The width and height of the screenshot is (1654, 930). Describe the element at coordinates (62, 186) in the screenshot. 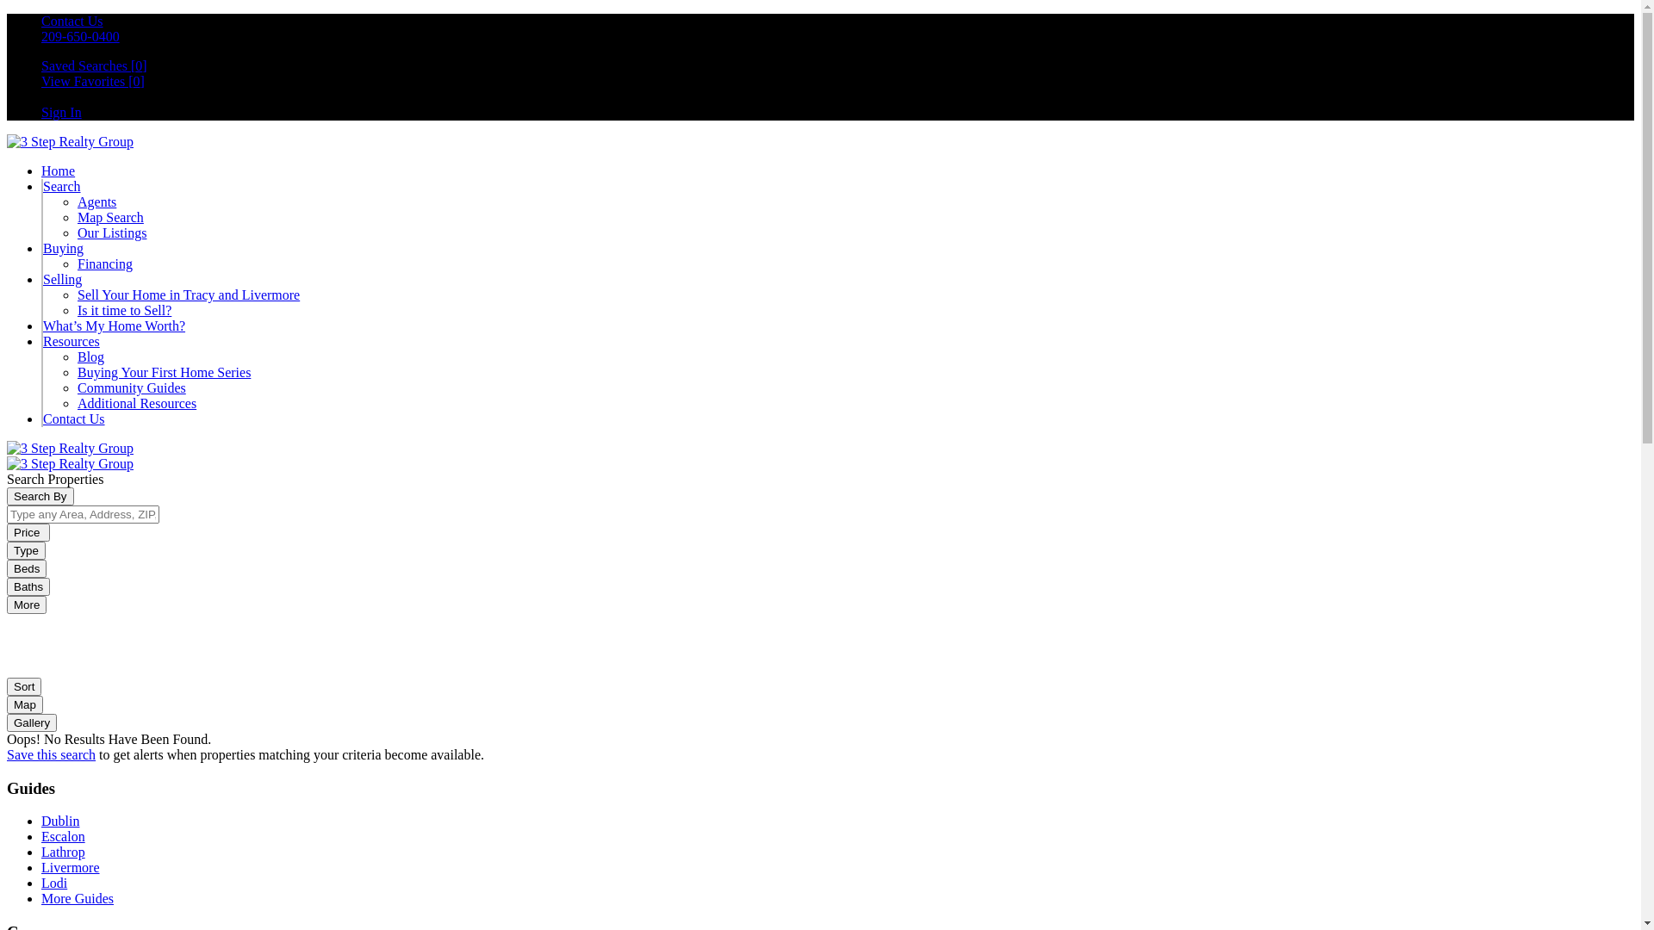

I see `'Search'` at that location.